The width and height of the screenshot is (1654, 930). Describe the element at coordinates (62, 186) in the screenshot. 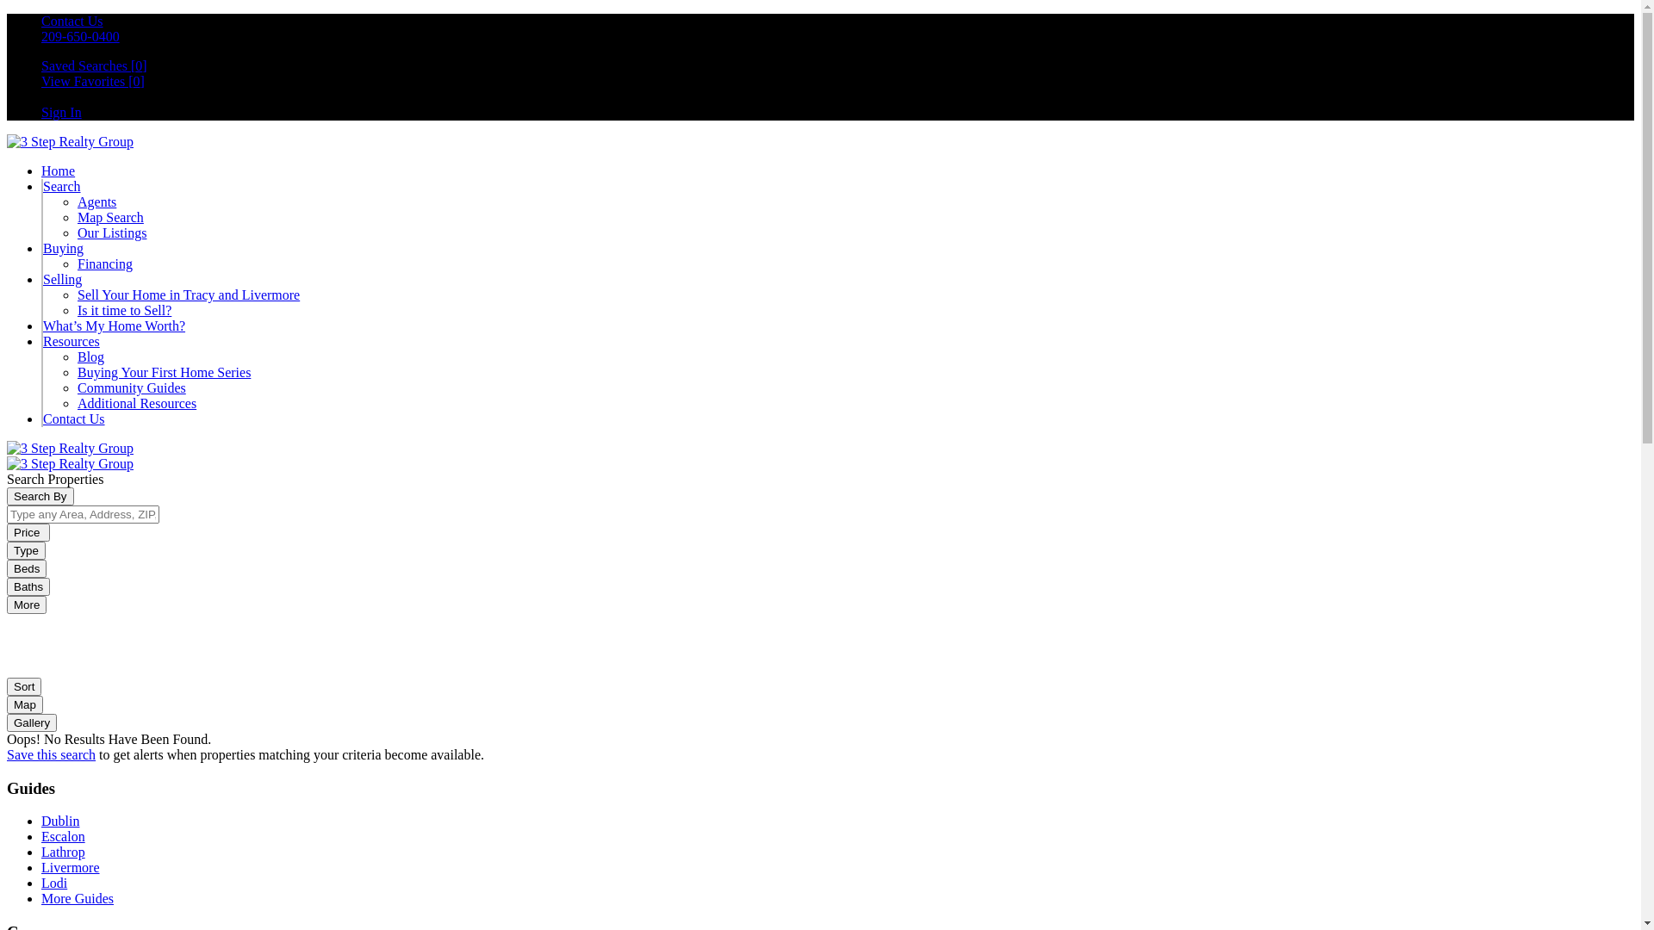

I see `'Search'` at that location.